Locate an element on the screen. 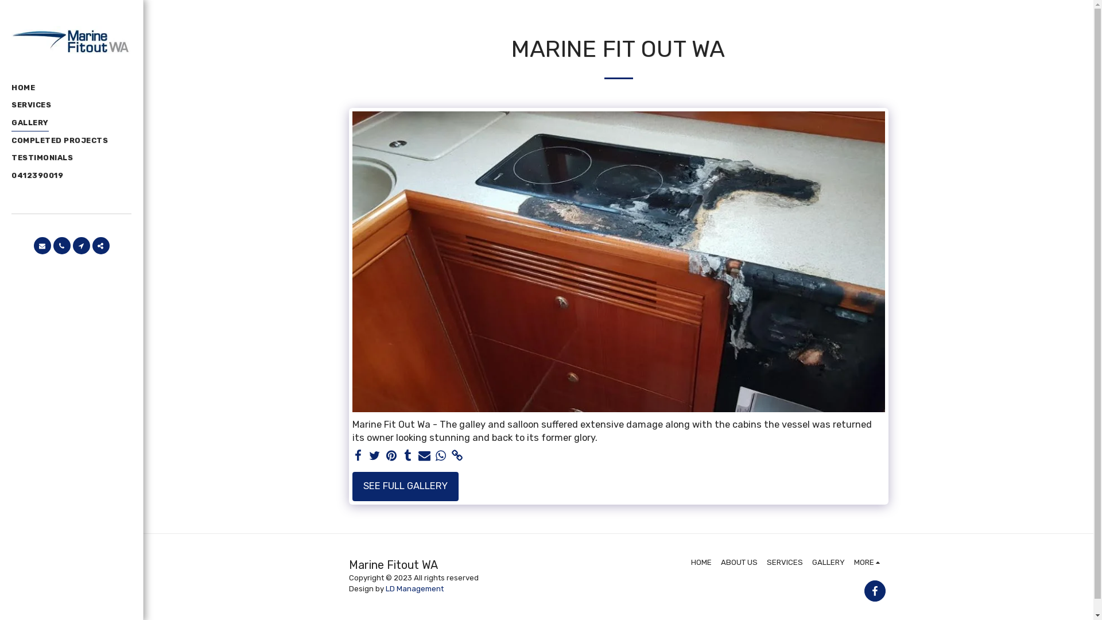 Image resolution: width=1102 pixels, height=620 pixels. 'TESTIMONIALS' is located at coordinates (42, 158).